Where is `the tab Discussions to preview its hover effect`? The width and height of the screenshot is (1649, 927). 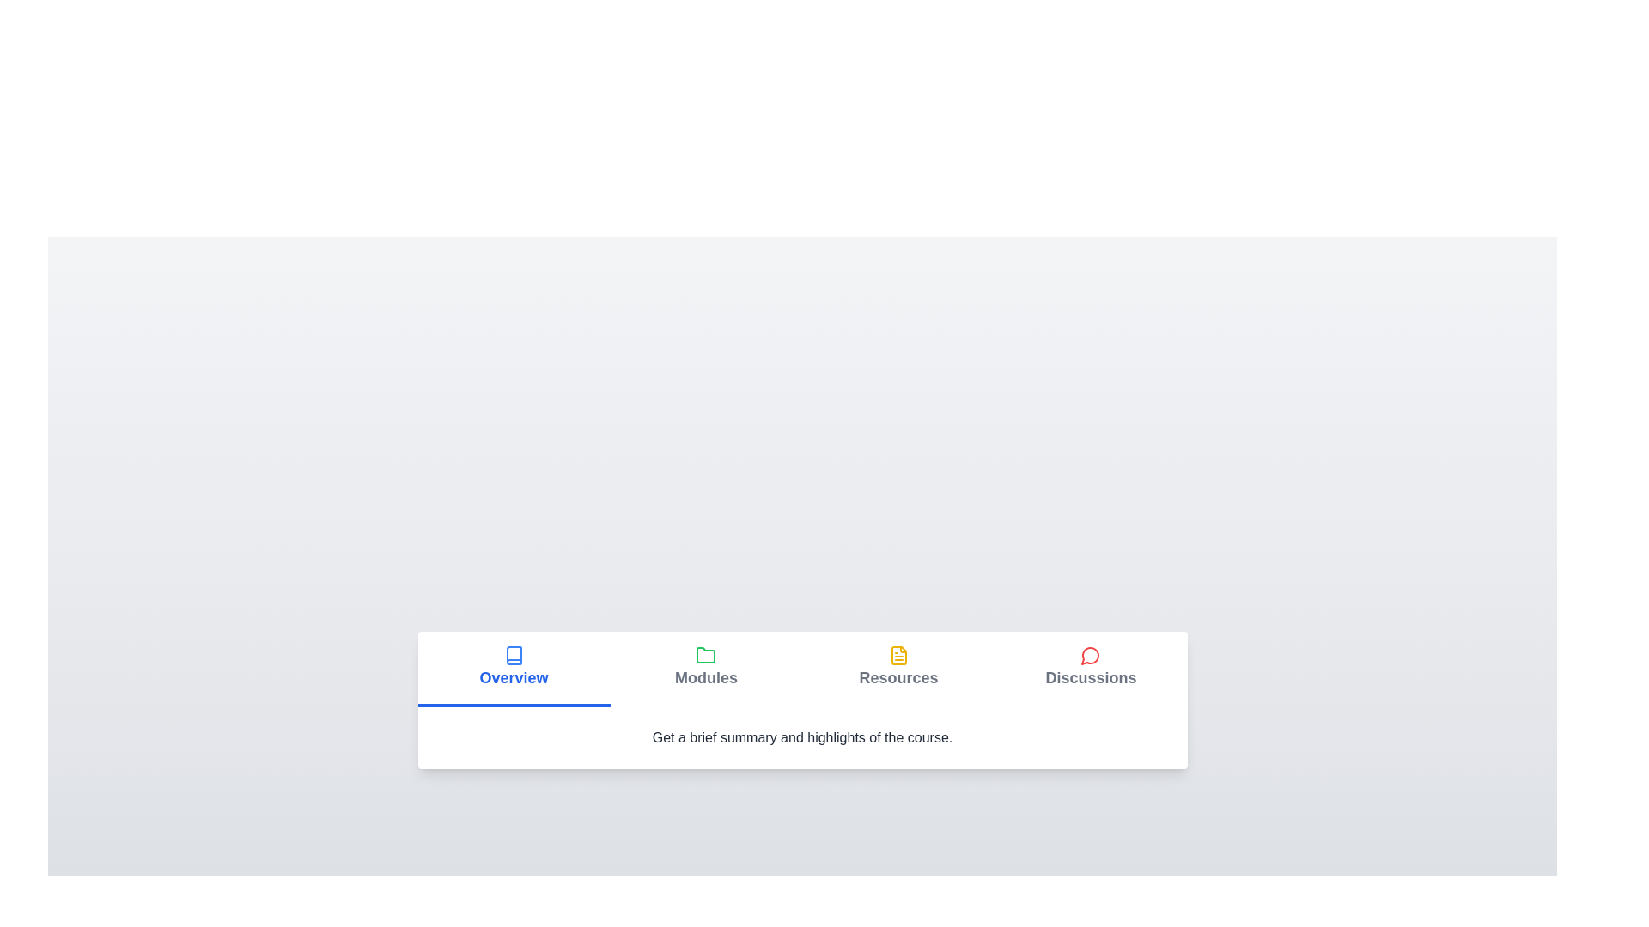
the tab Discussions to preview its hover effect is located at coordinates (1090, 668).